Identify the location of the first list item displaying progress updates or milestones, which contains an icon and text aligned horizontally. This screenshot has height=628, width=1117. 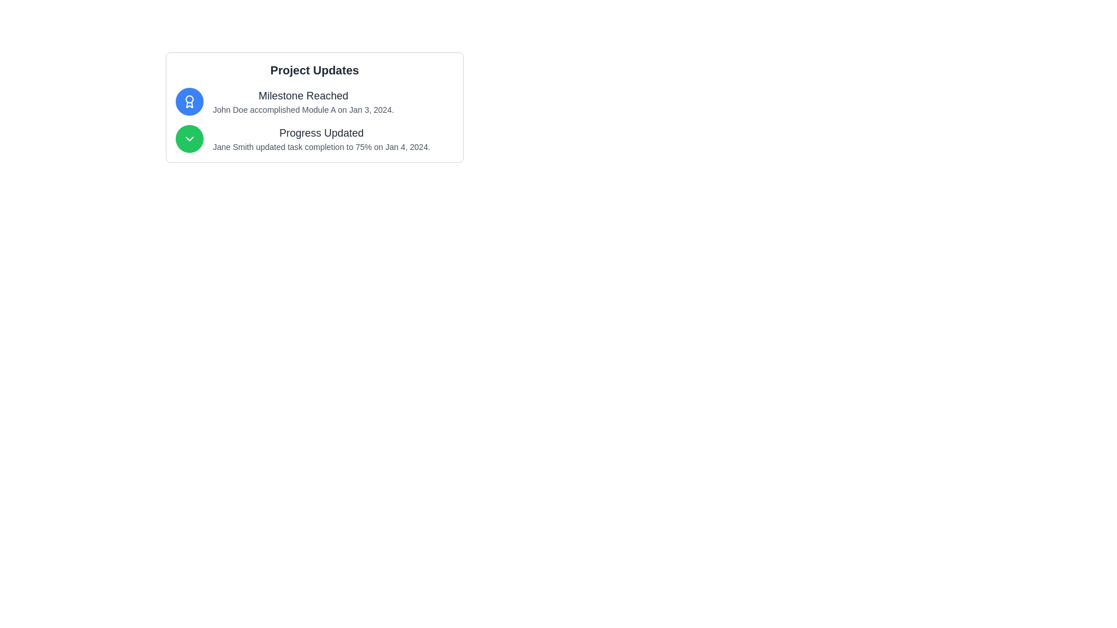
(315, 101).